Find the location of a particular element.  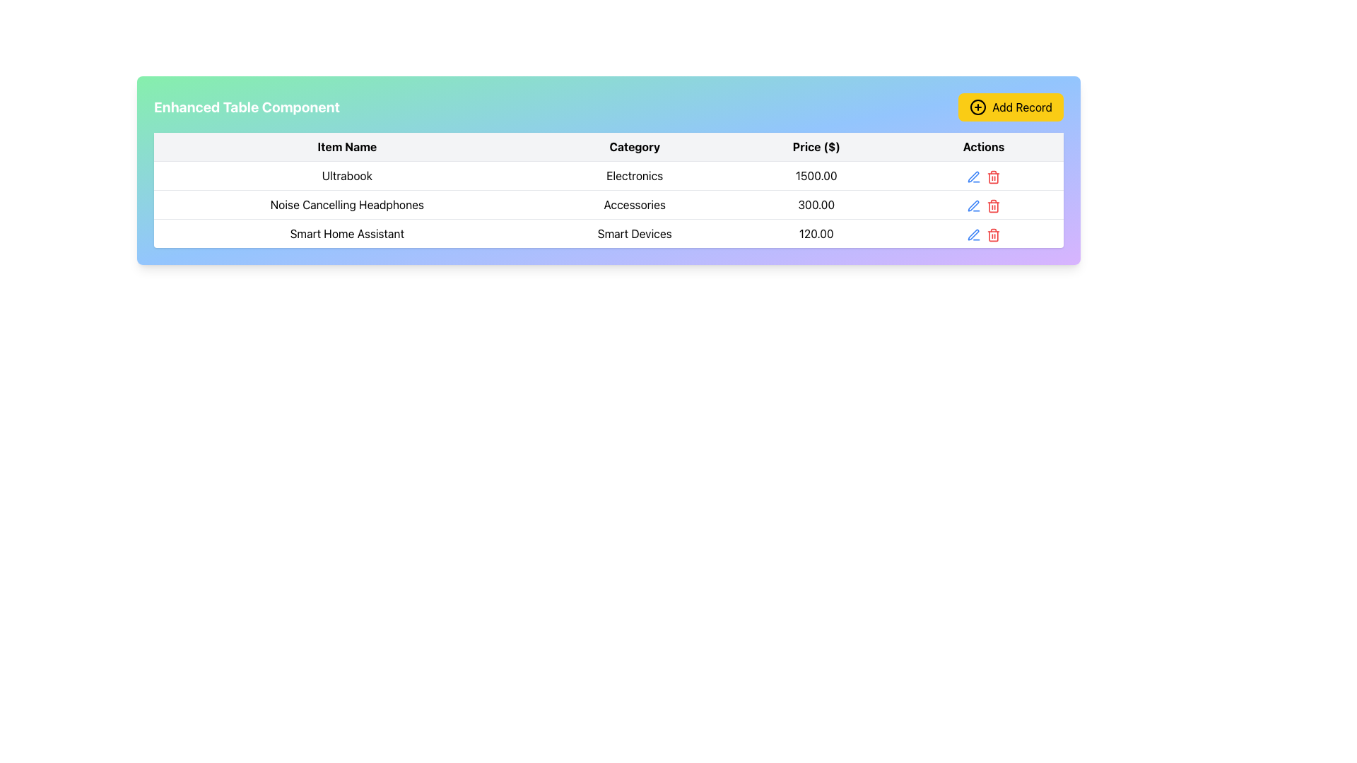

the edit icon located in the third row of the 'Actions' column in the table is located at coordinates (973, 234).